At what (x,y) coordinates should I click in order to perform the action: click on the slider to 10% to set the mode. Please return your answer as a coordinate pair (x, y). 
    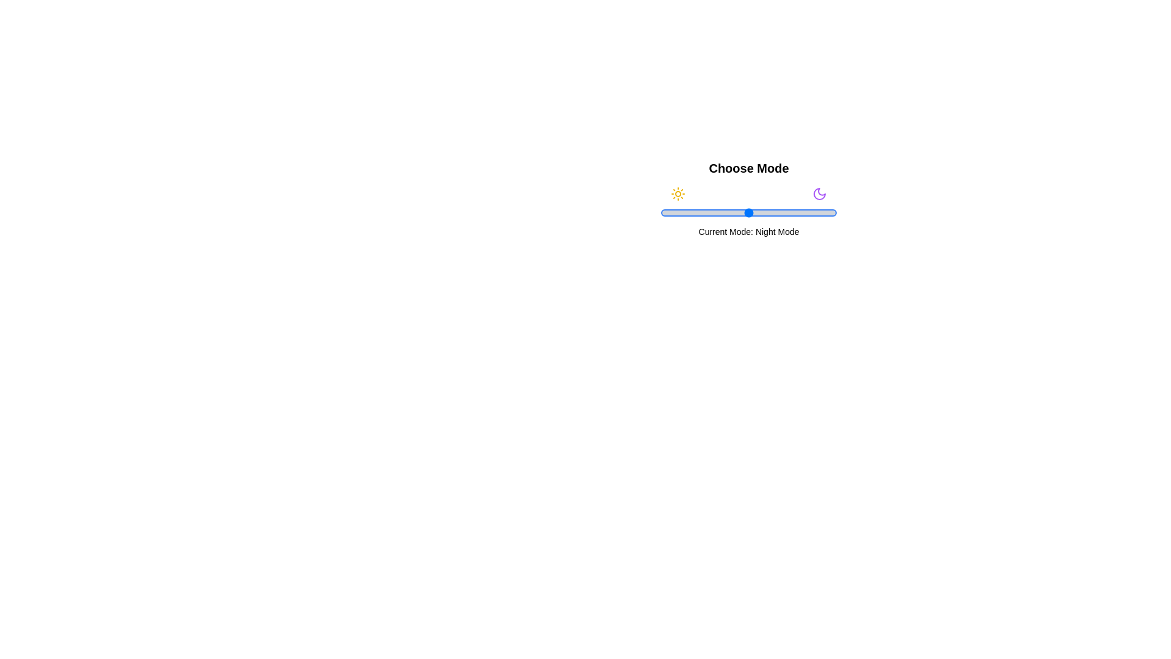
    Looking at the image, I should click on (678, 212).